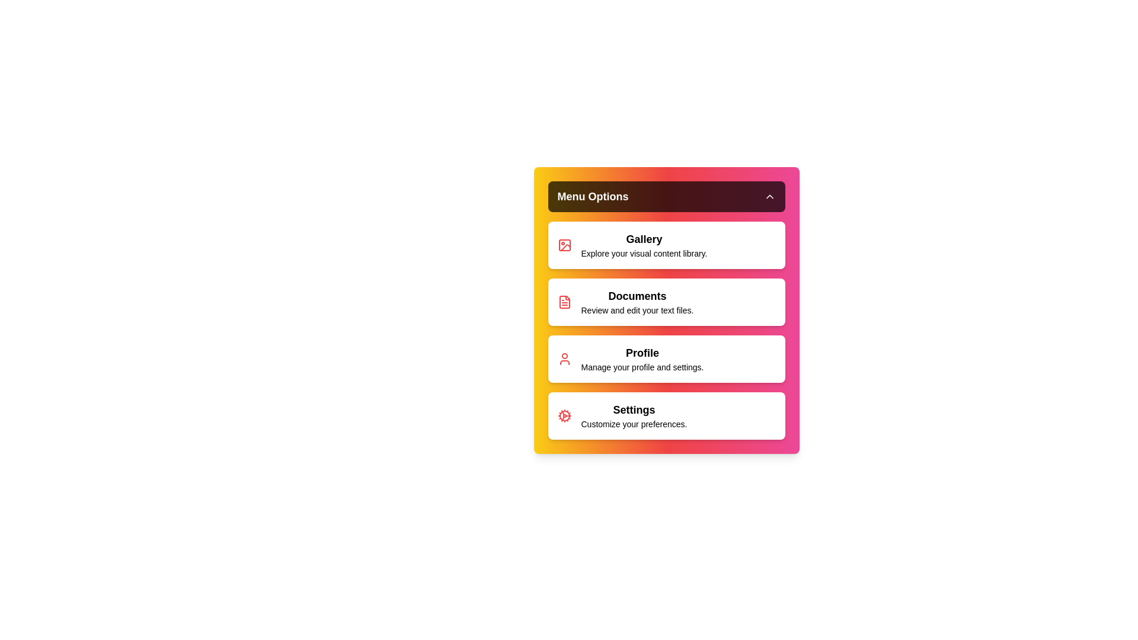  I want to click on the menu item Profile to select it, so click(666, 358).